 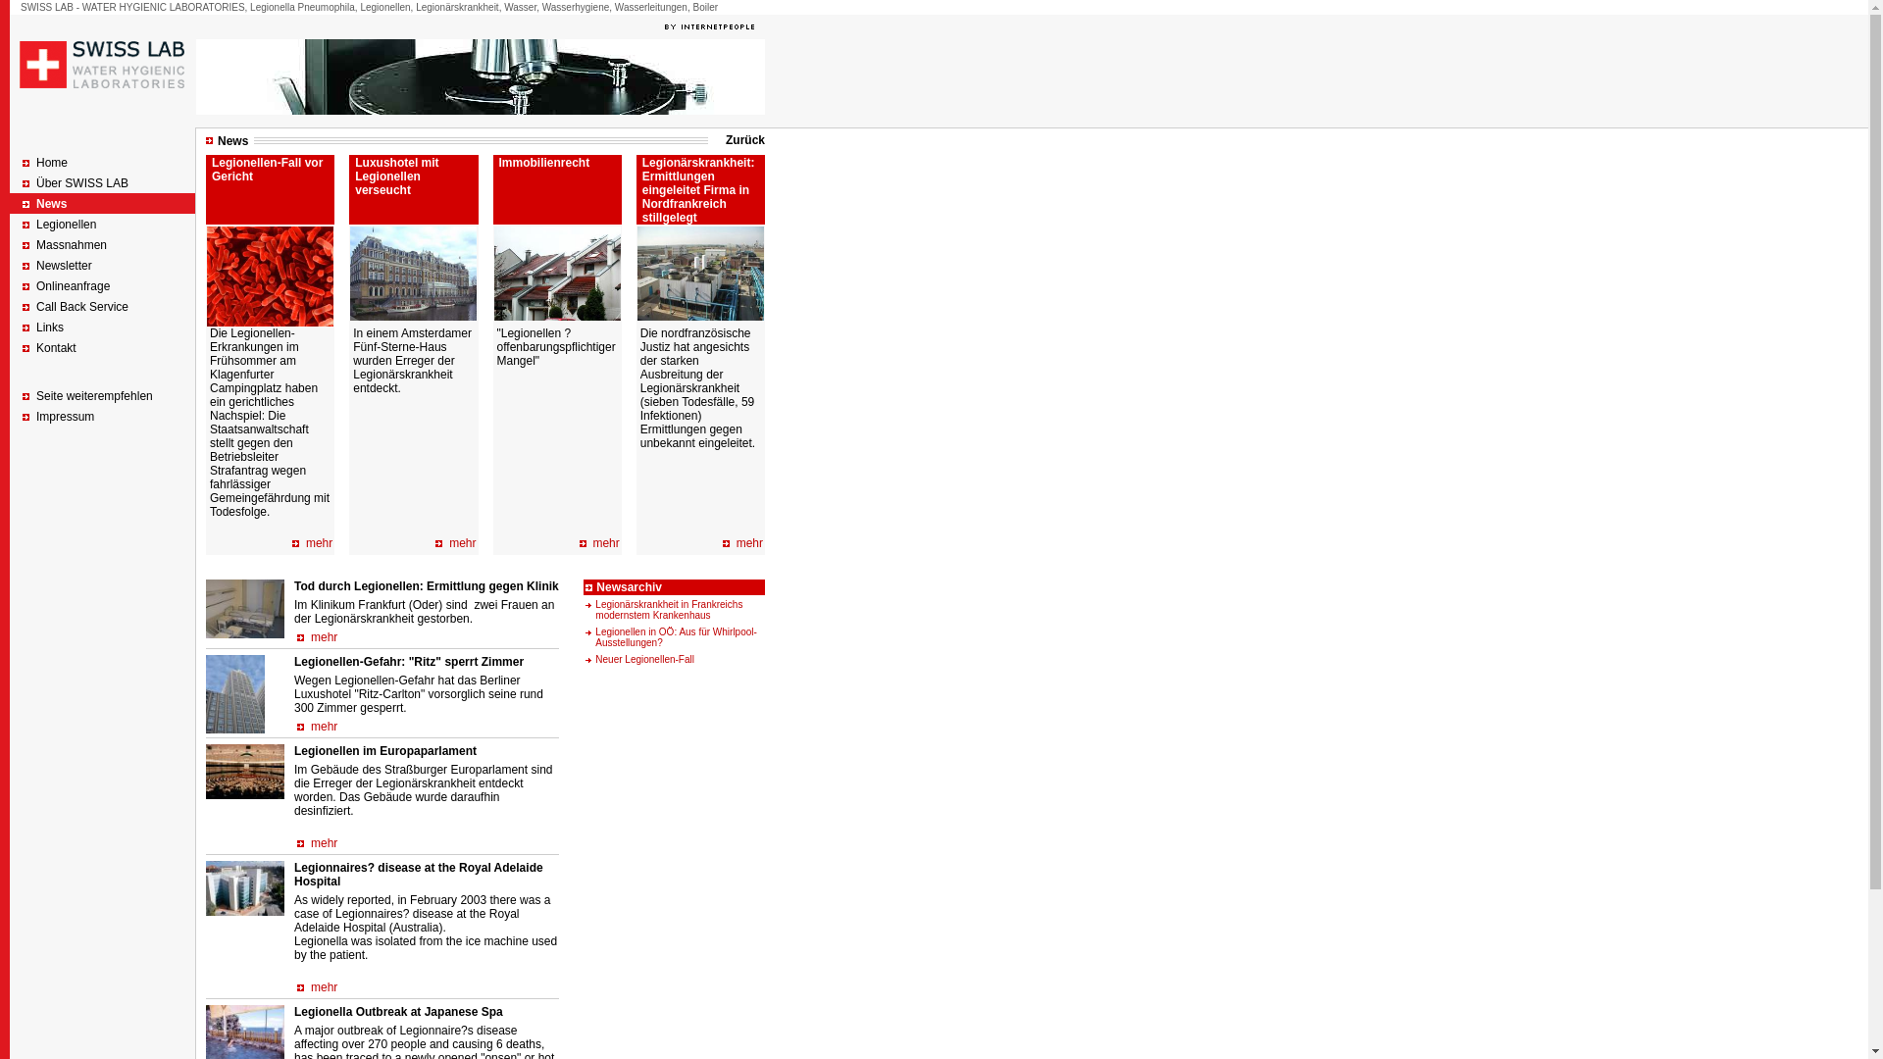 What do you see at coordinates (447, 543) in the screenshot?
I see `'mehr'` at bounding box center [447, 543].